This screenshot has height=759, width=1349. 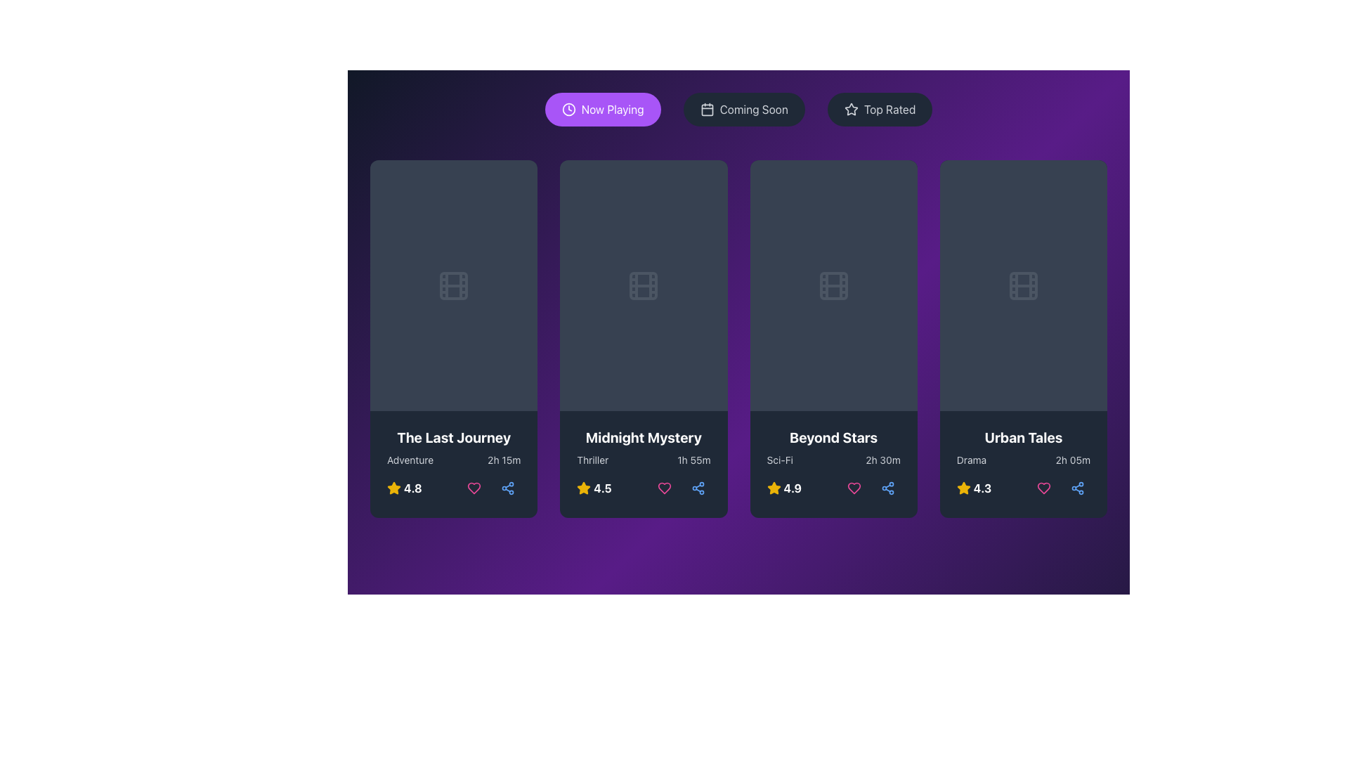 I want to click on the text label displaying the rating '4.3' next to the yellow star icon in the fourth card of the horizontal layout for 'Urban Tales', so click(x=982, y=488).